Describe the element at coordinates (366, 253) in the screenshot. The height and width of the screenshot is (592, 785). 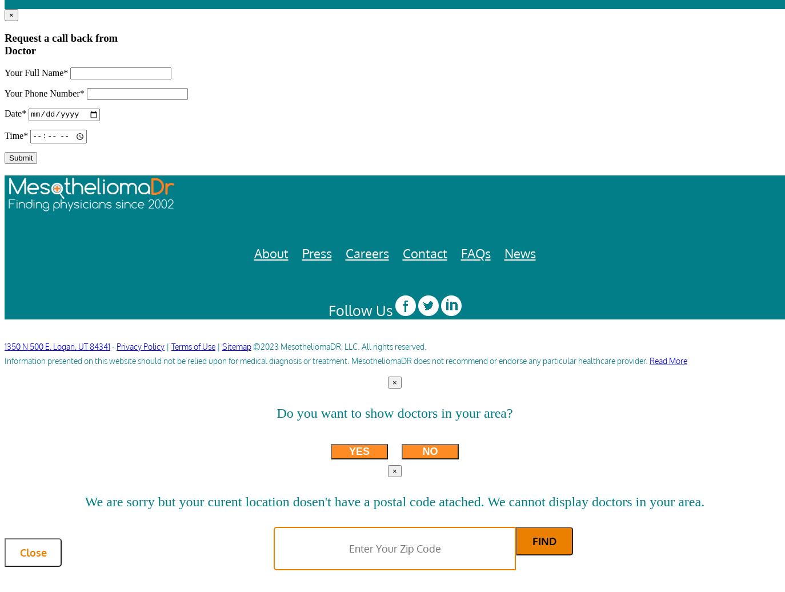
I see `'Careers'` at that location.